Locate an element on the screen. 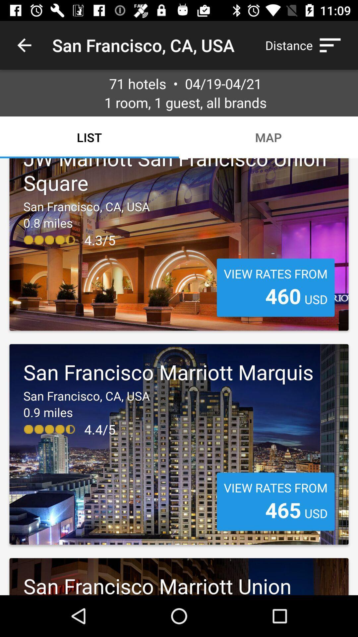 This screenshot has height=637, width=358. icon next to the san francisco ca app is located at coordinates (306, 45).